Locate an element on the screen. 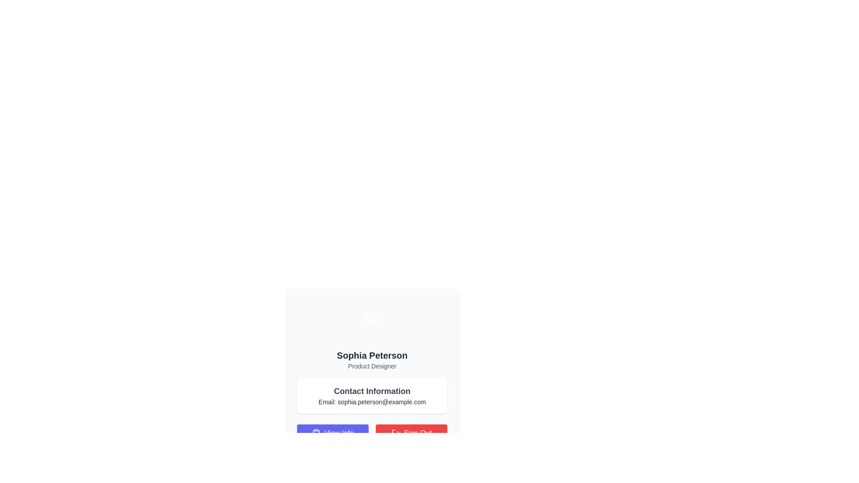  the red rectangular button labeled 'Sign Out' with rounded corners is located at coordinates (411, 432).